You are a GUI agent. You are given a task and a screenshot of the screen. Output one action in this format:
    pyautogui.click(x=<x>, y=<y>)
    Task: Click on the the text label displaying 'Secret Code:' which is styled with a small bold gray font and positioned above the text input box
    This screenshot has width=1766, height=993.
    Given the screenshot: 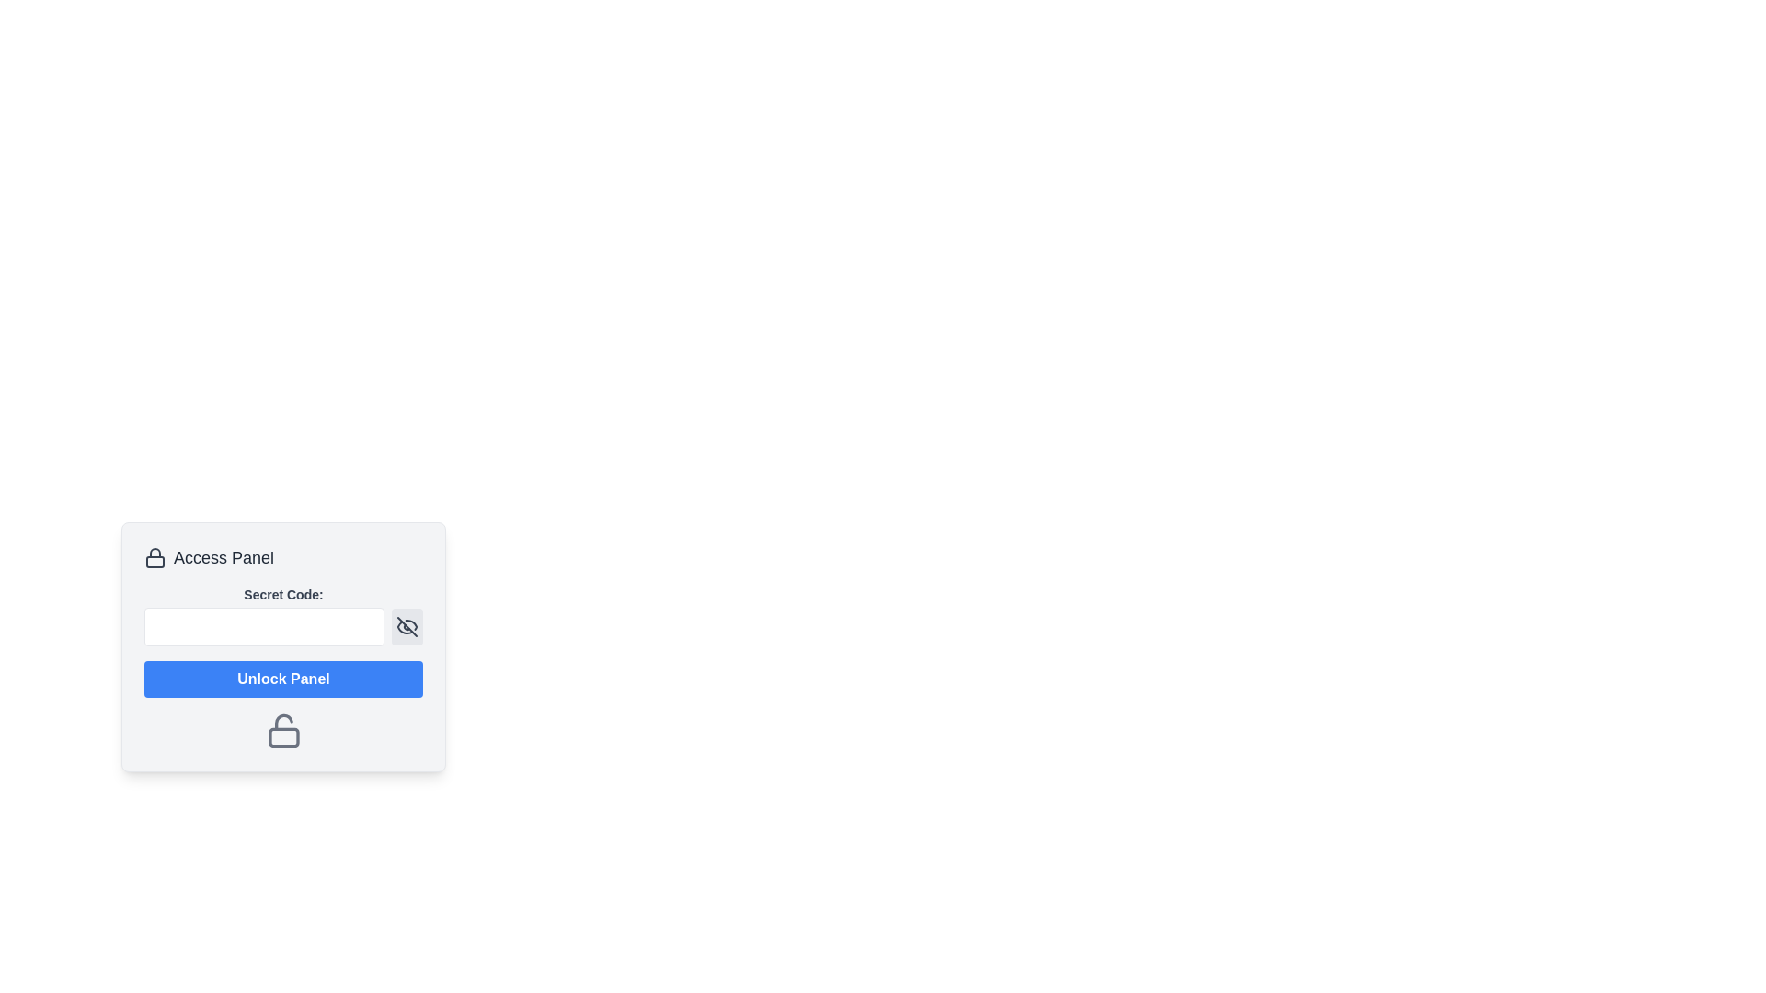 What is the action you would take?
    pyautogui.click(x=282, y=595)
    